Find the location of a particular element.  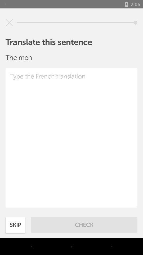

the skip is located at coordinates (15, 224).